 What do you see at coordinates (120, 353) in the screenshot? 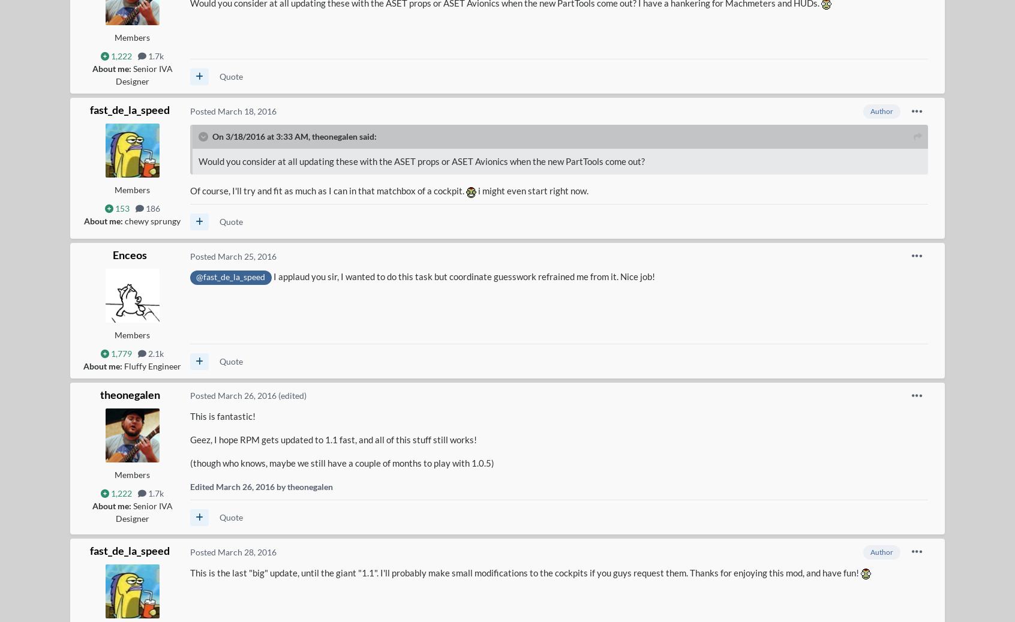
I see `'1,779'` at bounding box center [120, 353].